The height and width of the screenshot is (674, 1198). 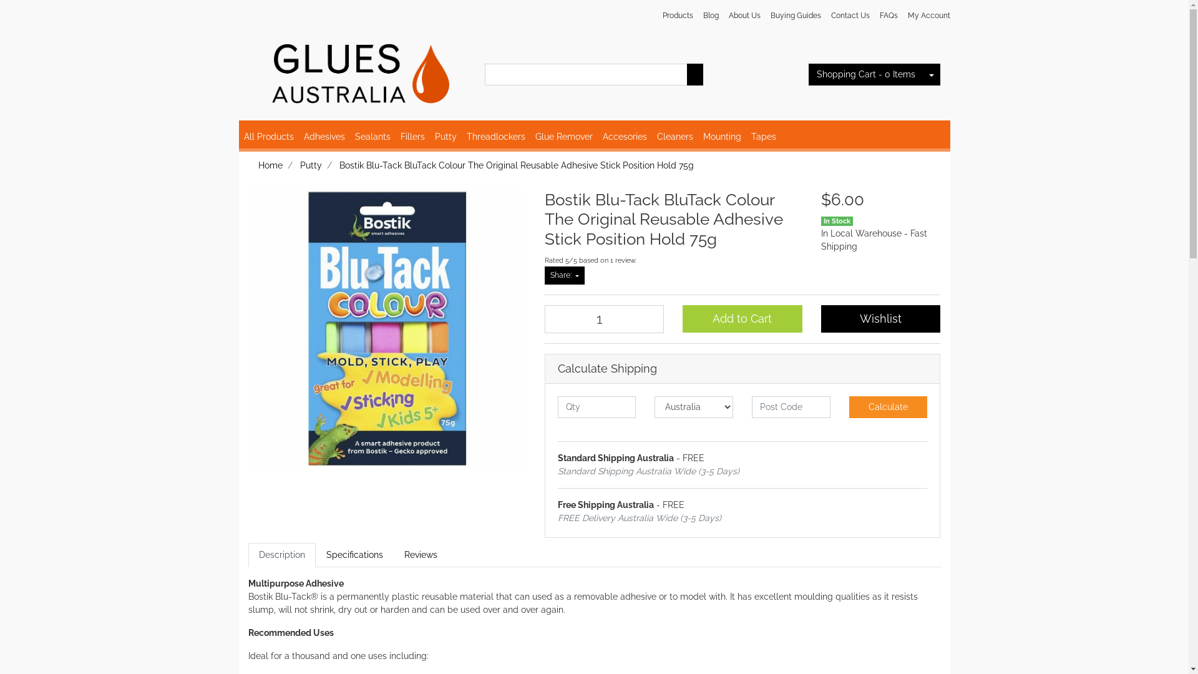 What do you see at coordinates (850, 15) in the screenshot?
I see `'Contact Us'` at bounding box center [850, 15].